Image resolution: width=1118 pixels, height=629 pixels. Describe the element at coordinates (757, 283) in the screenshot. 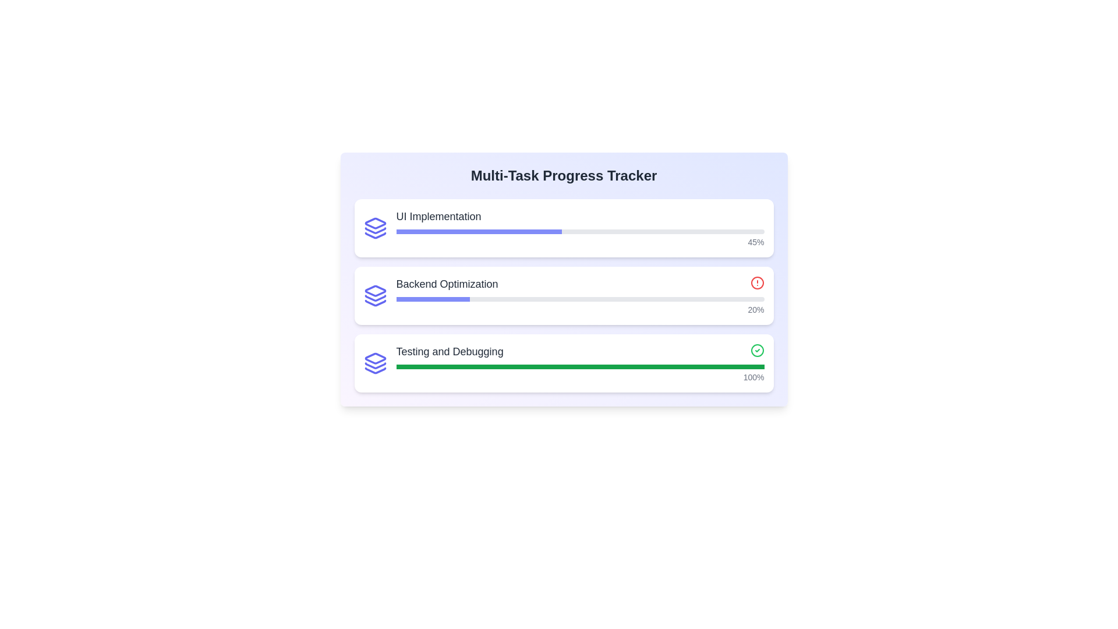

I see `the alert icon located to the right of the 'Backend Optimization' progress bar, which indicates an issue related to the 20% progress task` at that location.